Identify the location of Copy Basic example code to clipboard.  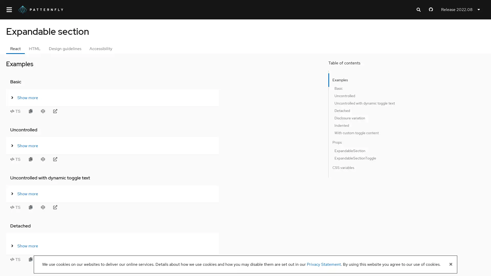
(104, 111).